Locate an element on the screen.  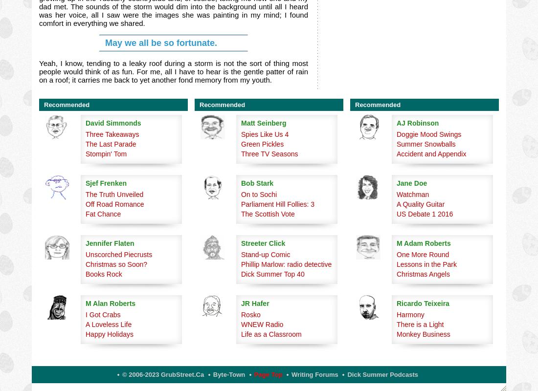
'Unscorched Piecrusts' is located at coordinates (118, 254).